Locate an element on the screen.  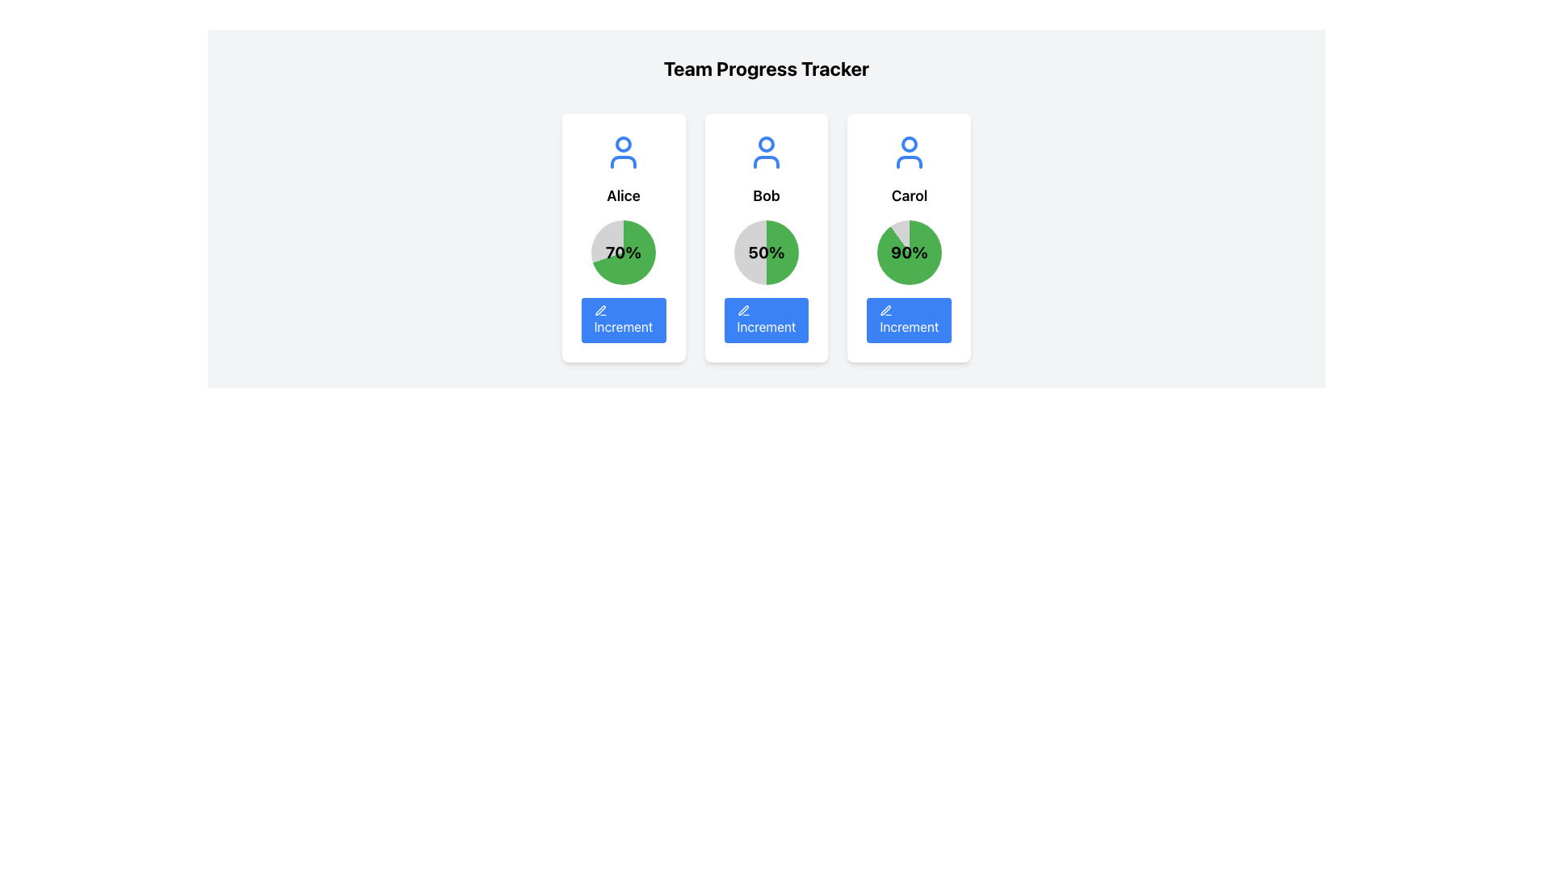
the body element of the user profile icon representing 'Carol' in the Team Progress Tracker layout is located at coordinates (909, 161).